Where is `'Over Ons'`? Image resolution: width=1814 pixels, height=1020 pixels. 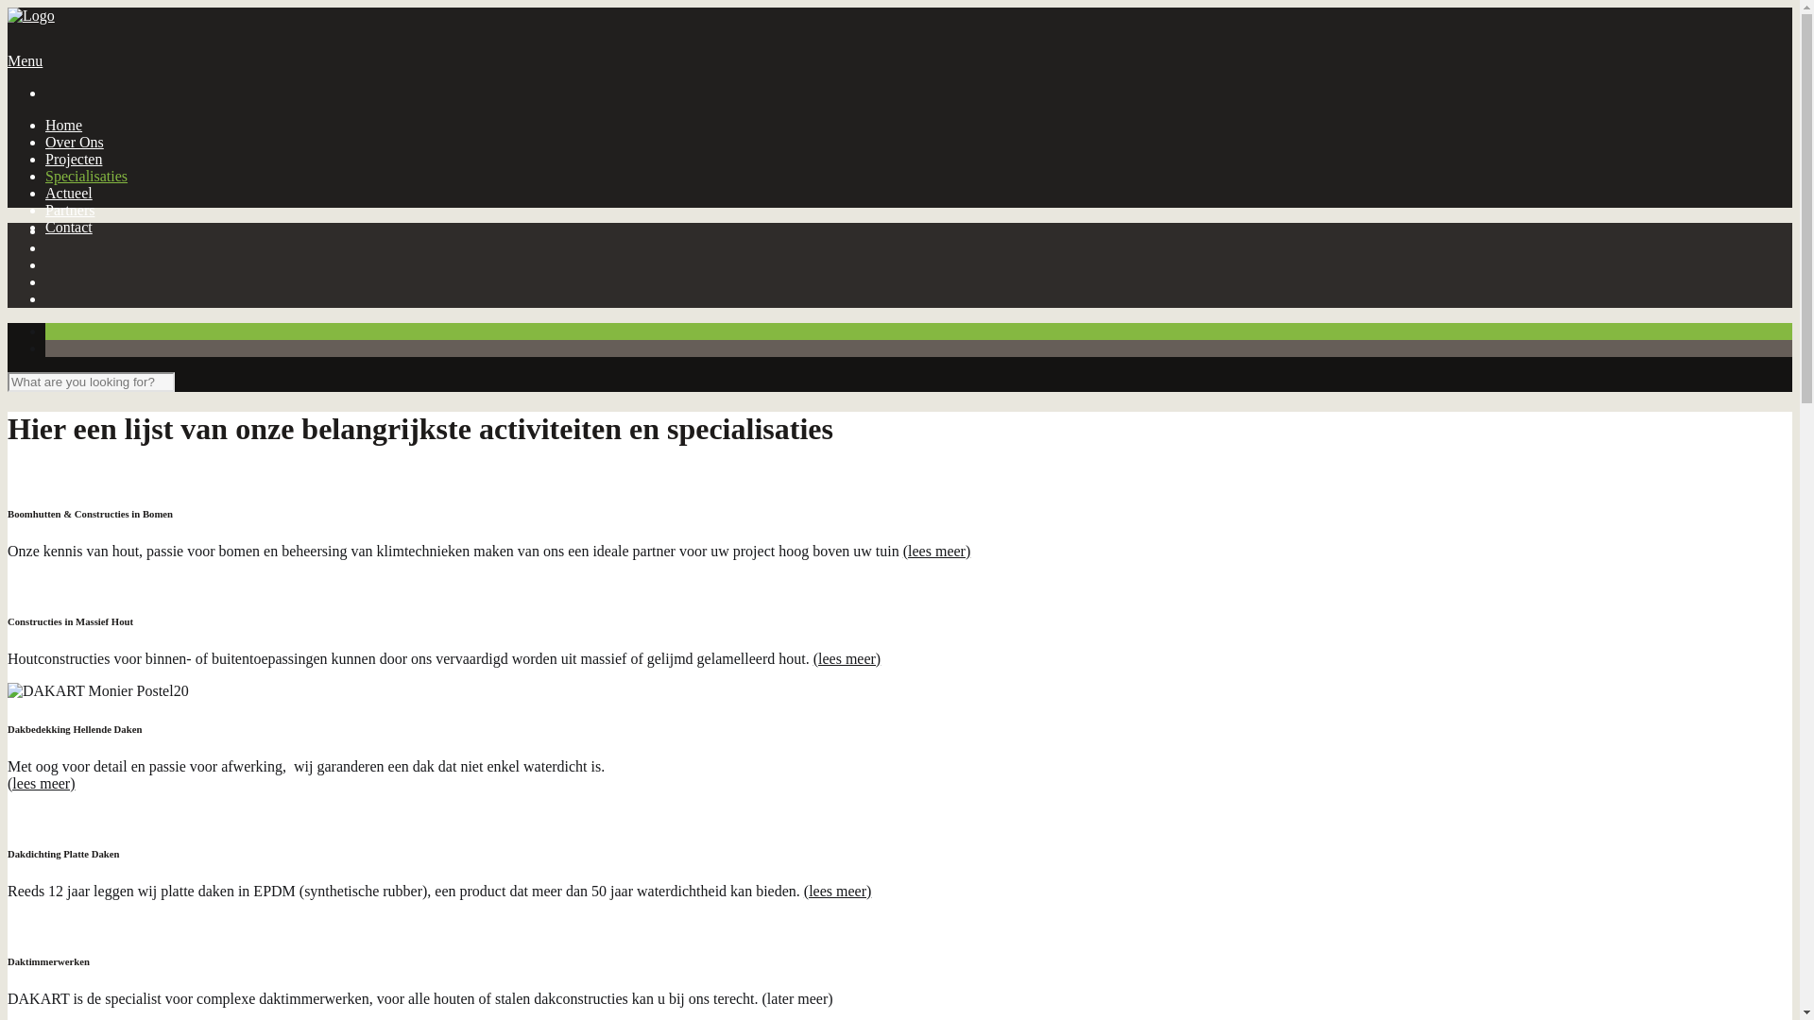 'Over Ons' is located at coordinates (74, 141).